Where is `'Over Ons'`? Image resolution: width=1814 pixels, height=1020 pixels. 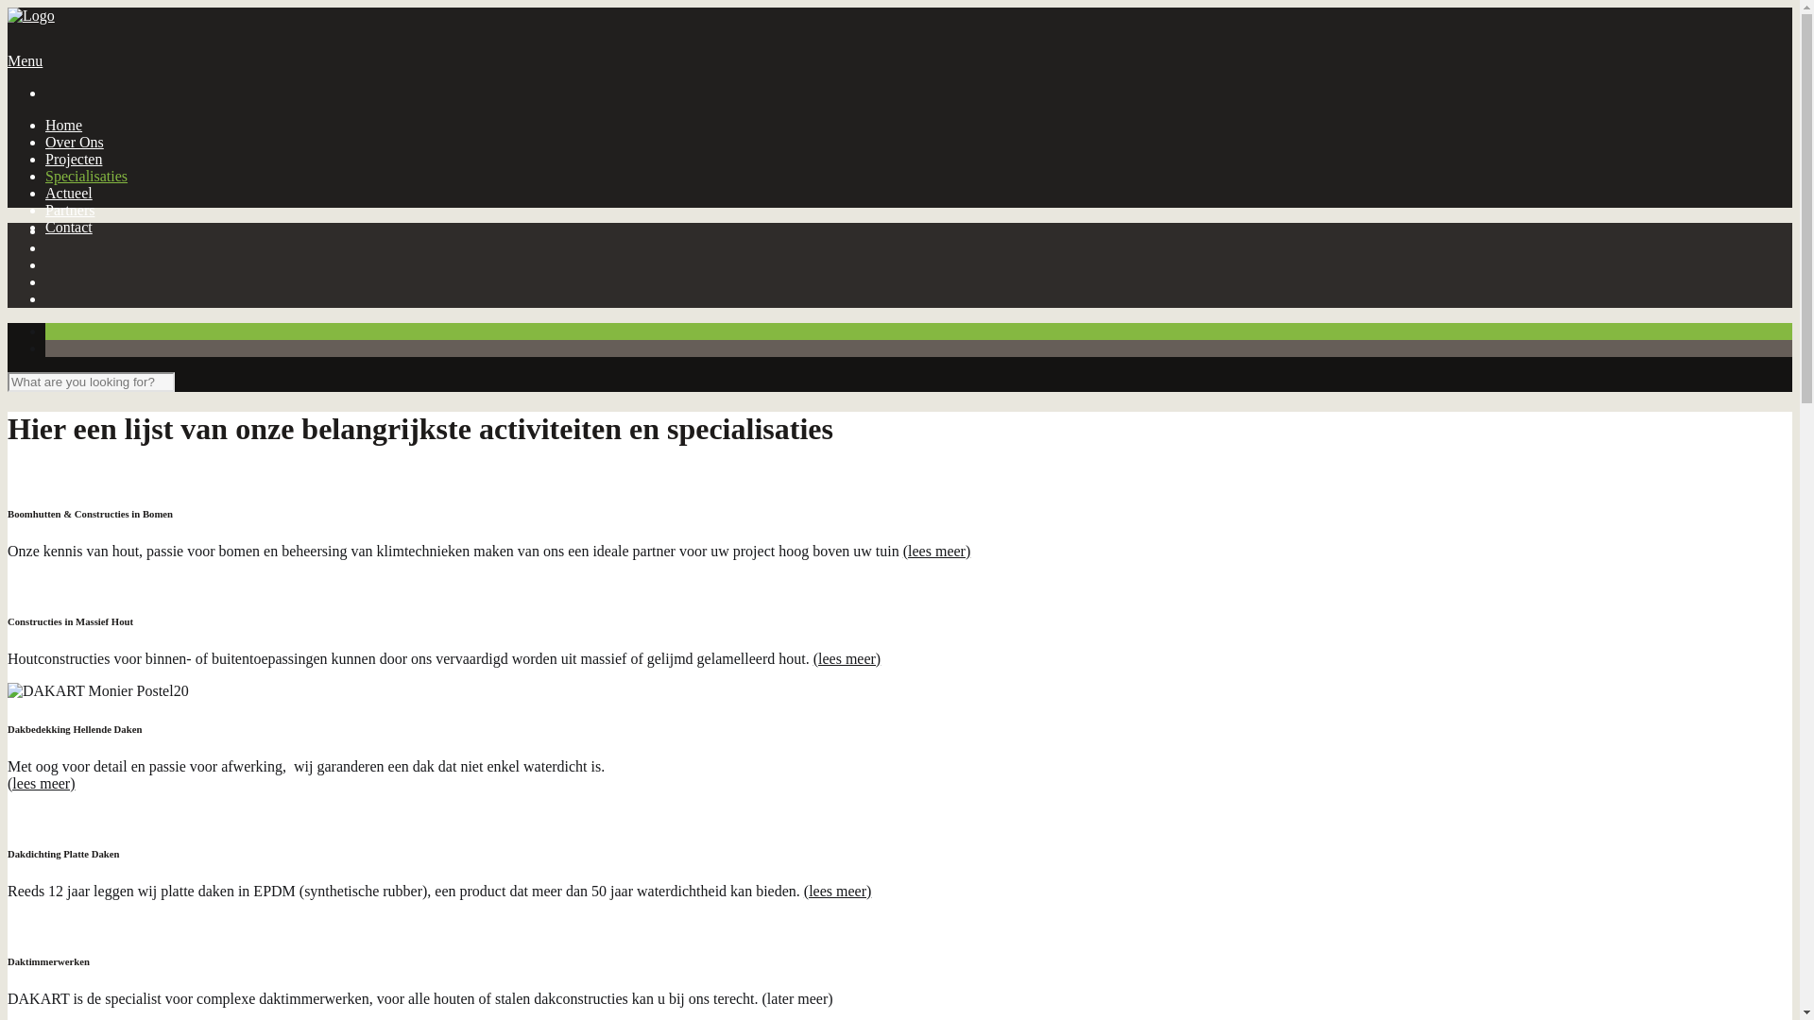 'Over Ons' is located at coordinates (74, 141).